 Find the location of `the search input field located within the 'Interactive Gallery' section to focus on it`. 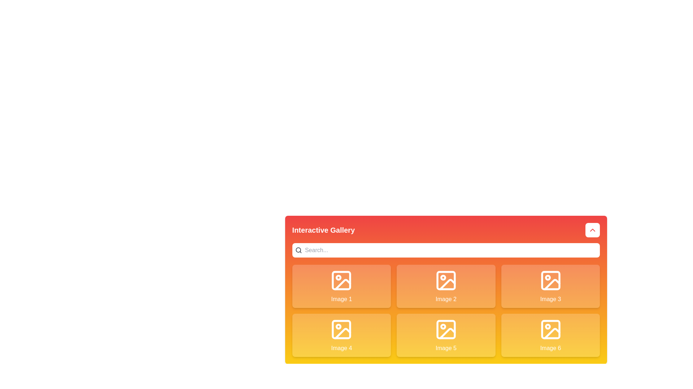

the search input field located within the 'Interactive Gallery' section to focus on it is located at coordinates (445, 250).